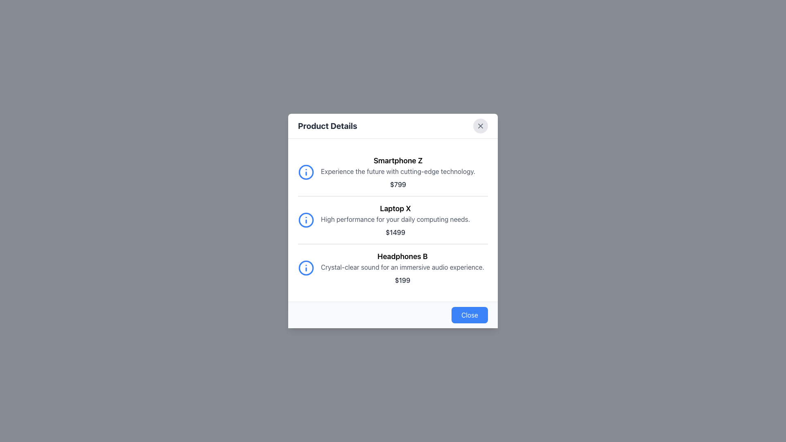 This screenshot has width=786, height=442. Describe the element at coordinates (393, 219) in the screenshot. I see `the Product Information Display containing the title 'Laptop X', description 'High performance for your daily computing needs.', and price '$1499'` at that location.